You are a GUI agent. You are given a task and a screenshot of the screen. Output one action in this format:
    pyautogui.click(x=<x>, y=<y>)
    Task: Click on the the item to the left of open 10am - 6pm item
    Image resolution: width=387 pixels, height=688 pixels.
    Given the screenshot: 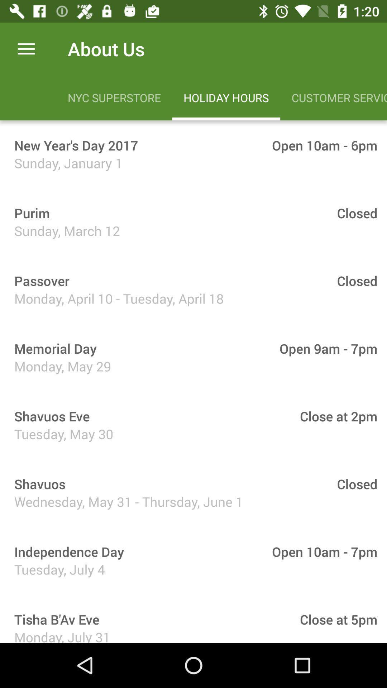 What is the action you would take?
    pyautogui.click(x=73, y=145)
    